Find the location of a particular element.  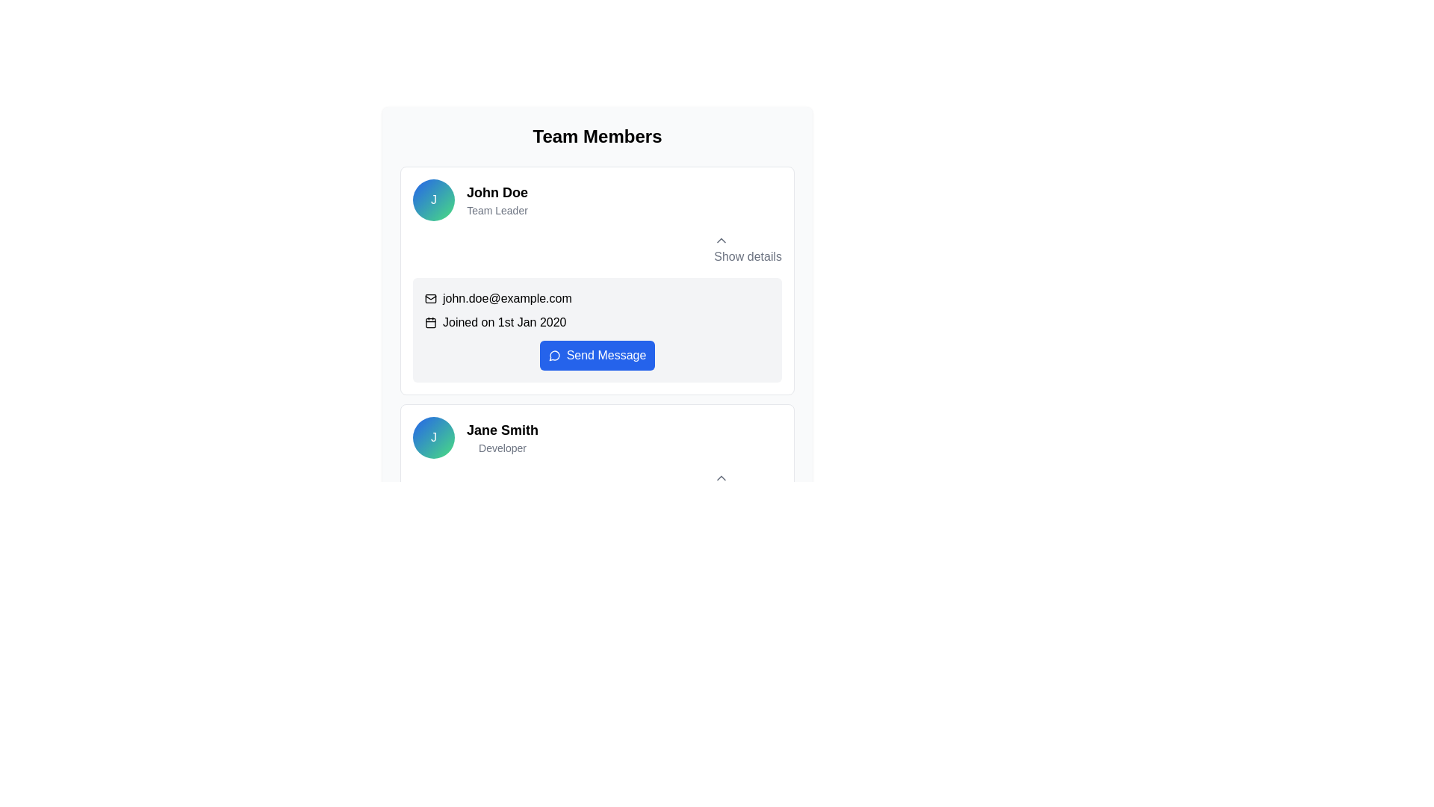

the text label that reads 'Joined on 1st Jan 2020.' which is located under the 'John Doe' member information, adjacent to a calendar icon is located at coordinates (504, 322).